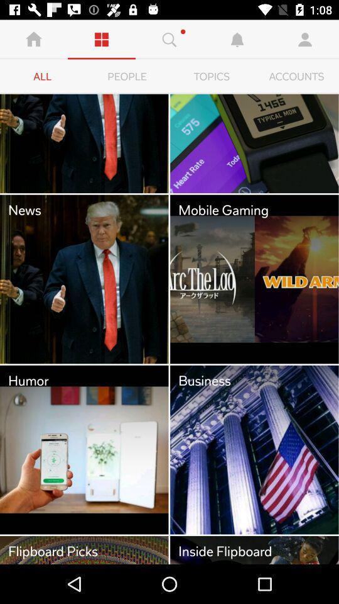 This screenshot has width=339, height=604. I want to click on the button which is next to the search, so click(237, 40).